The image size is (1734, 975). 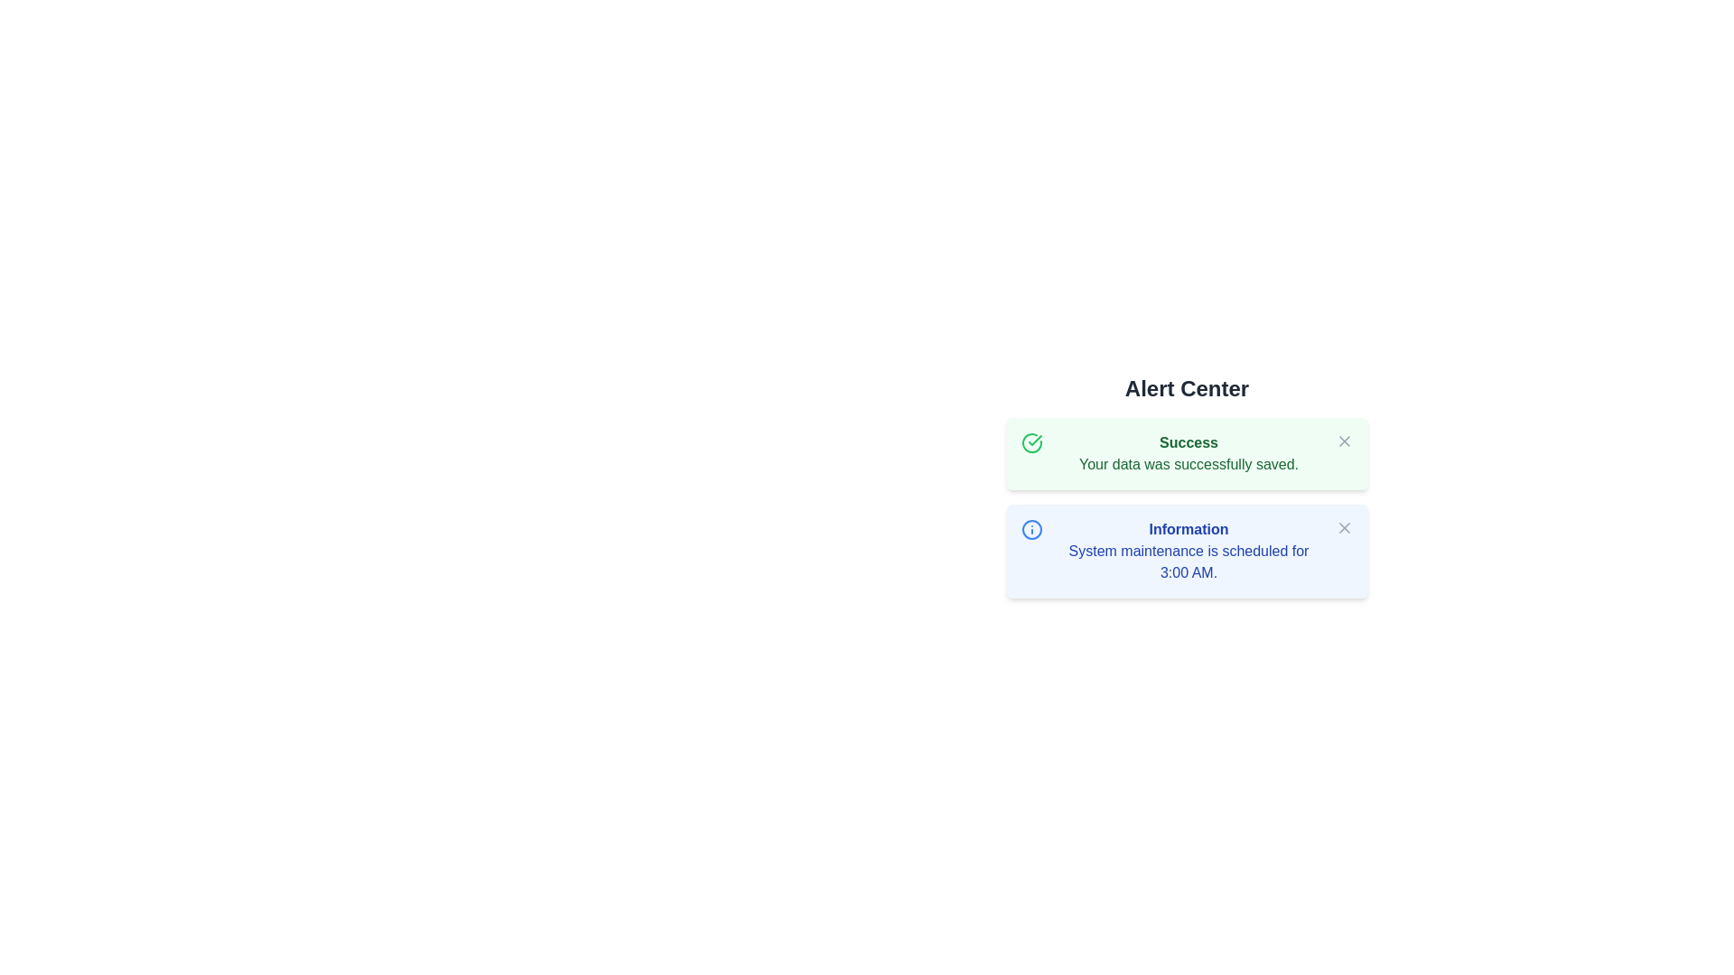 I want to click on message content of the first notification box under the 'Alert Center' heading, which displays a success message with a green checkmark icon, so click(x=1187, y=452).